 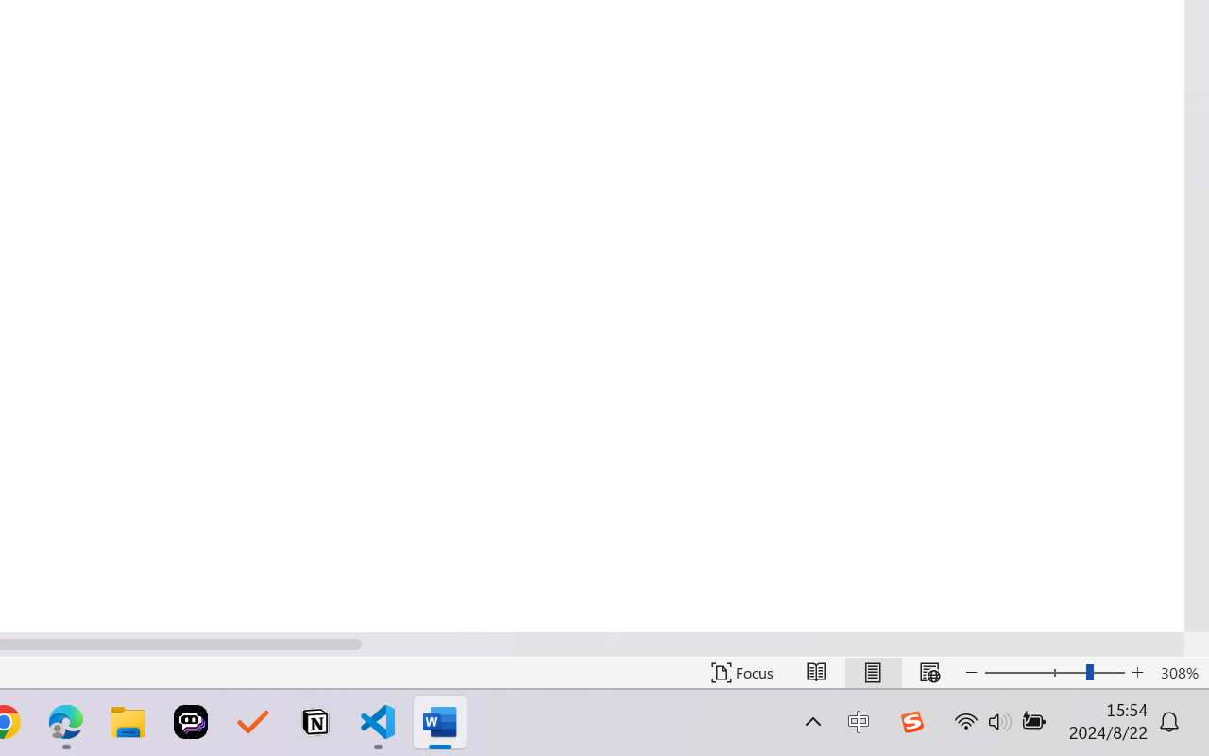 I want to click on 'Zoom 308%', so click(x=1179, y=672).